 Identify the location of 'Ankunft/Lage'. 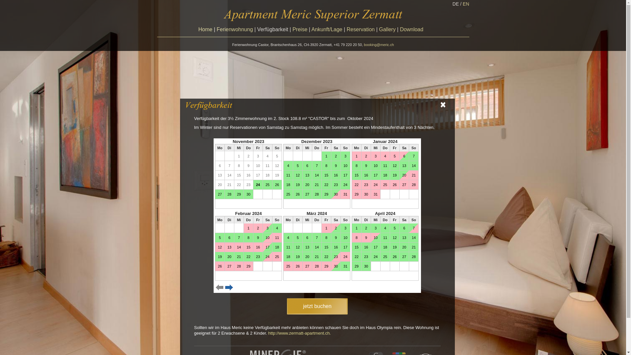
(326, 29).